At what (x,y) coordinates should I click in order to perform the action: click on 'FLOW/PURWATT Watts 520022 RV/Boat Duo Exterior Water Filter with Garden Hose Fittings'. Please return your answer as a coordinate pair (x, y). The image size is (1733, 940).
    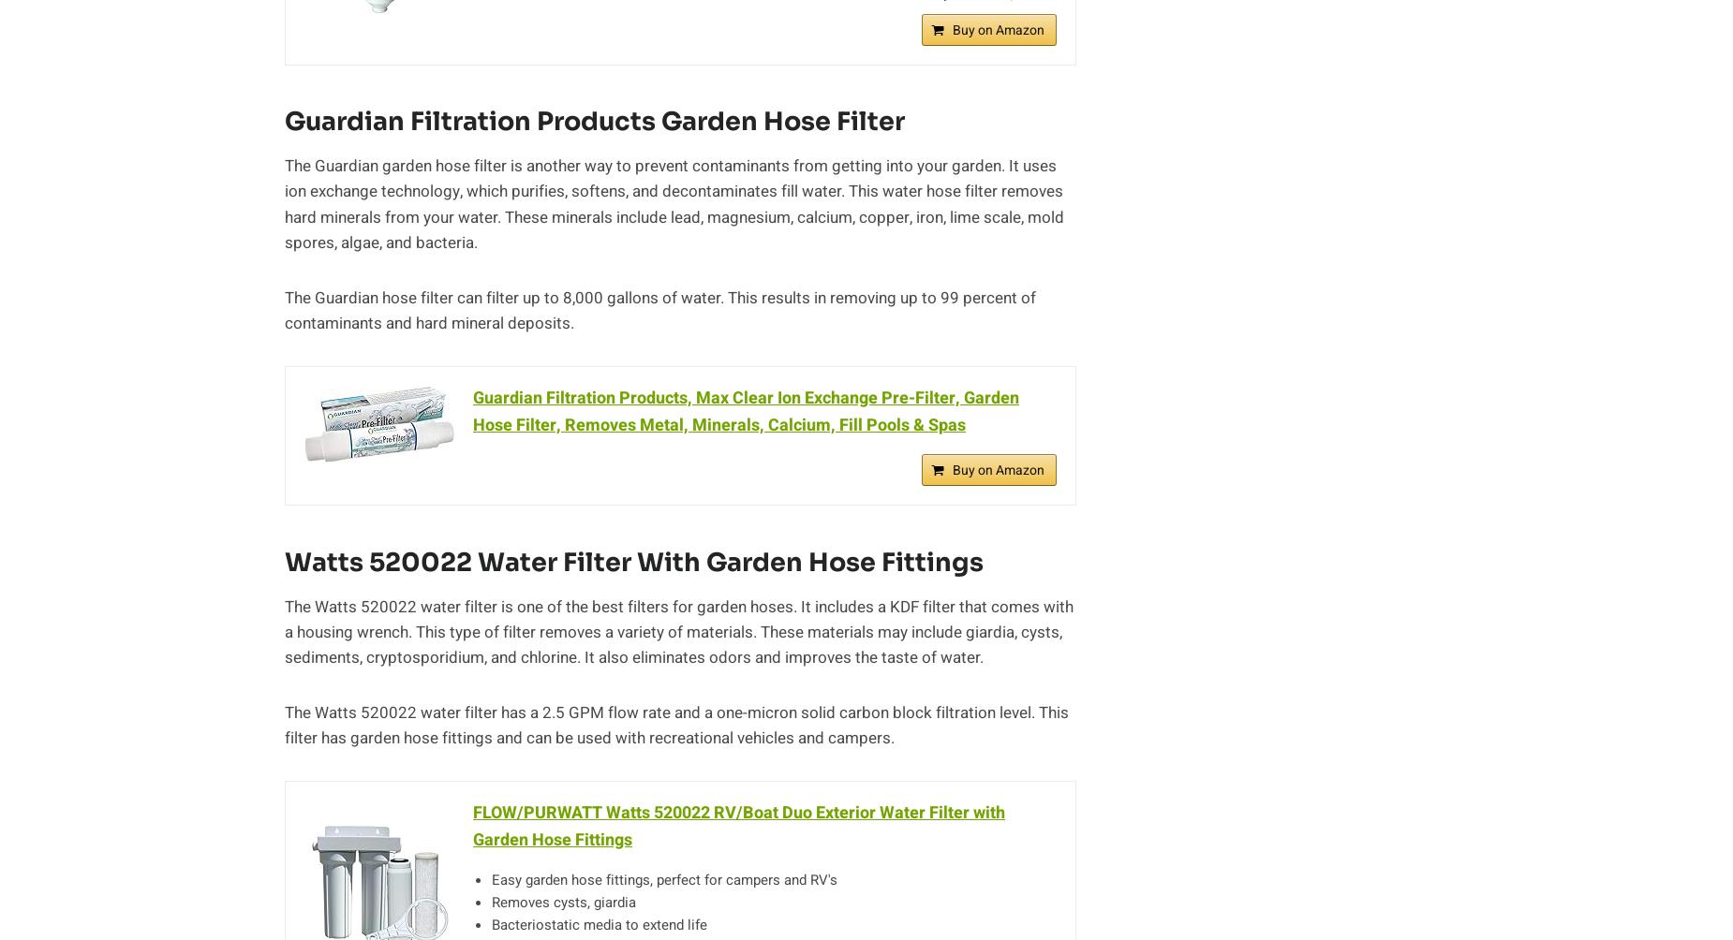
    Looking at the image, I should click on (473, 826).